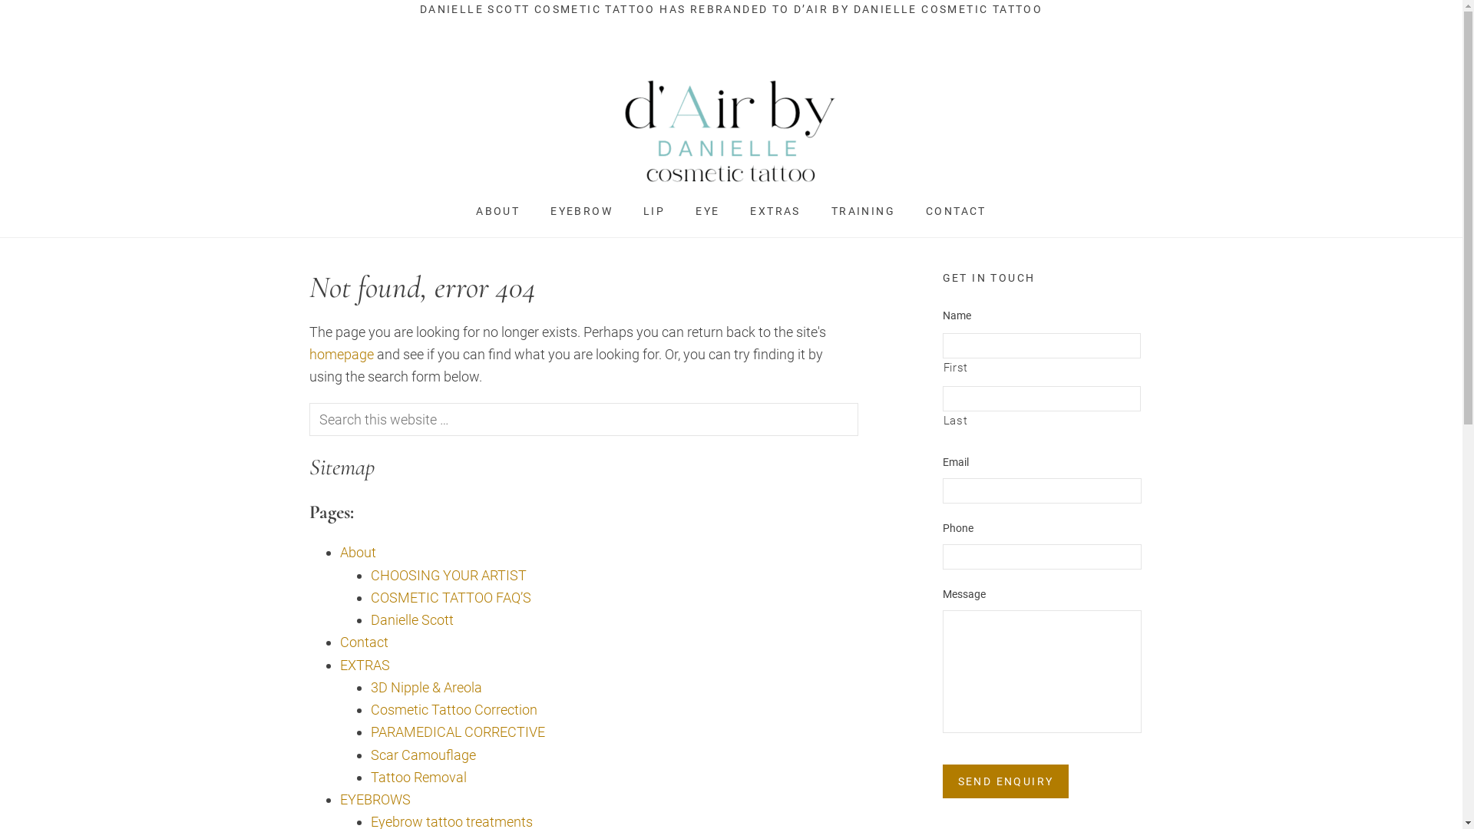  What do you see at coordinates (775, 211) in the screenshot?
I see `'EXTRAS'` at bounding box center [775, 211].